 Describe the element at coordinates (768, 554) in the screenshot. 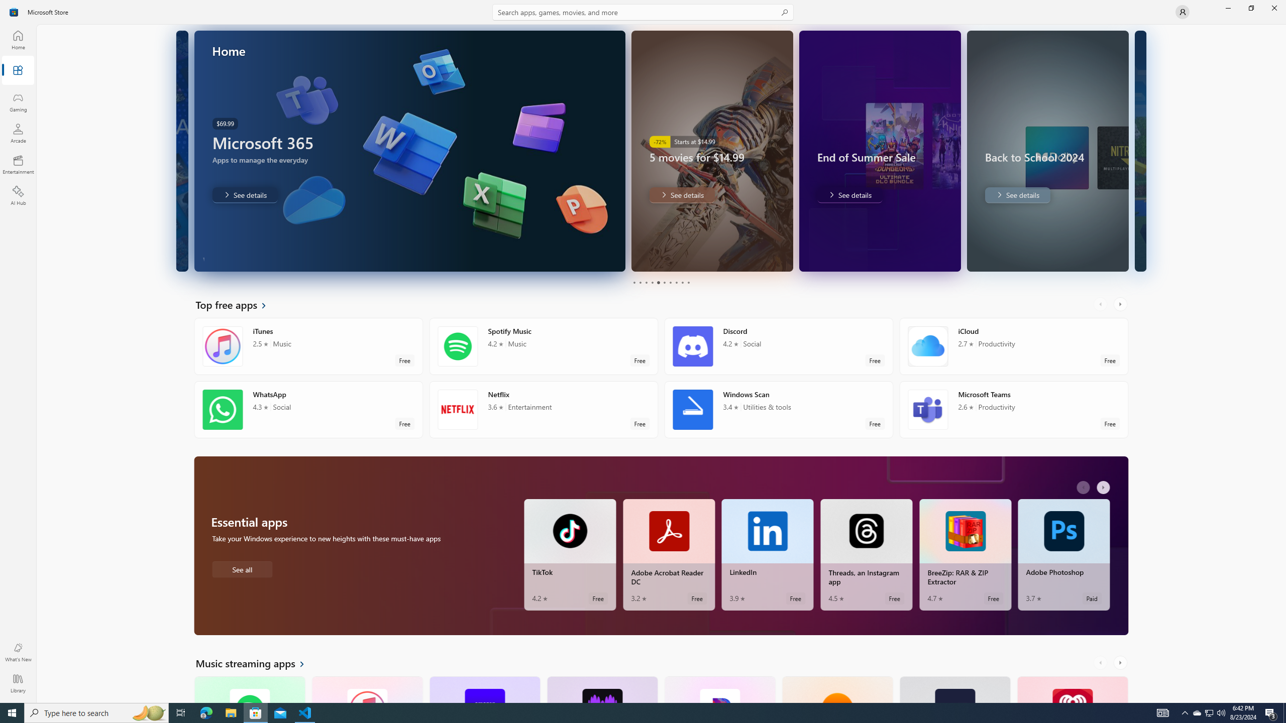

I see `'LinkedIn. Average rating of 3.9 out of five stars. Free  '` at that location.